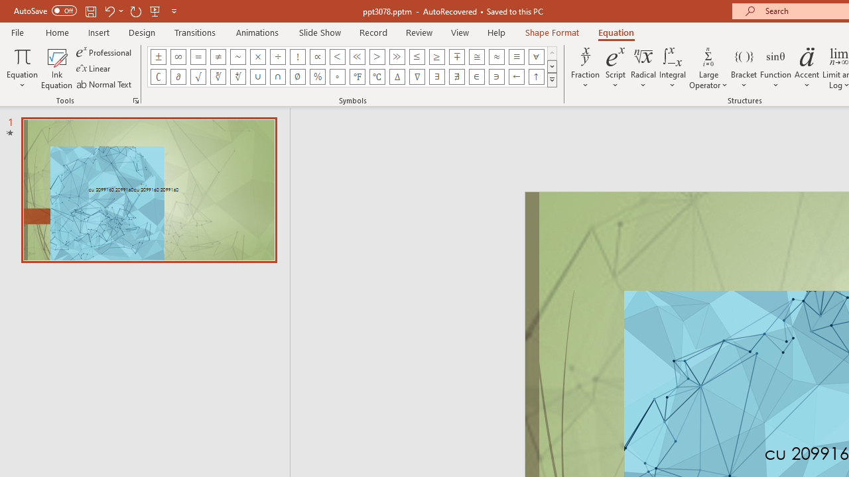 The height and width of the screenshot is (477, 849). I want to click on 'Equation Symbol Less Than', so click(337, 56).